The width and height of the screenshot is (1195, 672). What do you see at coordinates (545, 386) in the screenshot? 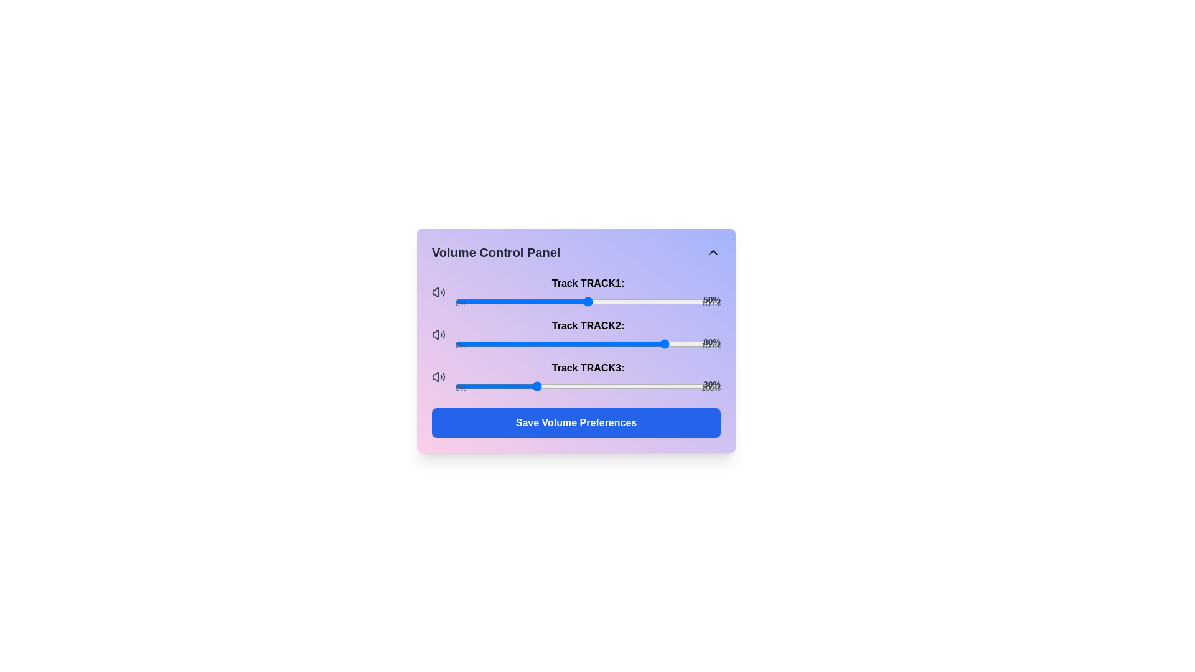
I see `the track volume` at bounding box center [545, 386].